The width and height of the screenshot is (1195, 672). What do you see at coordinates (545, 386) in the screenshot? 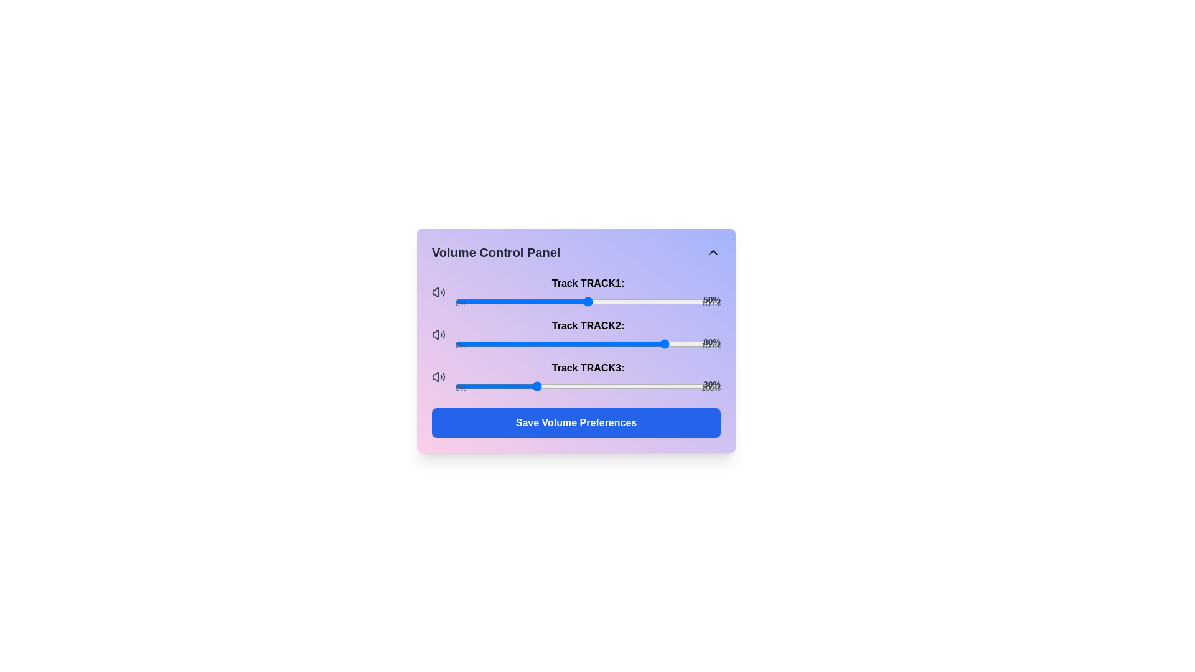
I see `the track volume` at bounding box center [545, 386].